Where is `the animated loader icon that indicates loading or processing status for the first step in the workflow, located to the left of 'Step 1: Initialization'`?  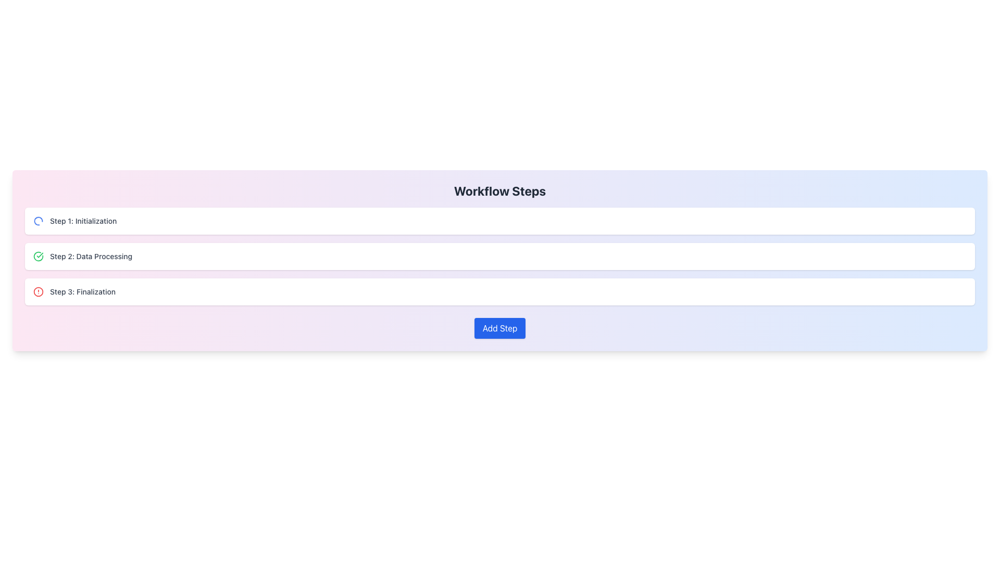 the animated loader icon that indicates loading or processing status for the first step in the workflow, located to the left of 'Step 1: Initialization' is located at coordinates (38, 220).